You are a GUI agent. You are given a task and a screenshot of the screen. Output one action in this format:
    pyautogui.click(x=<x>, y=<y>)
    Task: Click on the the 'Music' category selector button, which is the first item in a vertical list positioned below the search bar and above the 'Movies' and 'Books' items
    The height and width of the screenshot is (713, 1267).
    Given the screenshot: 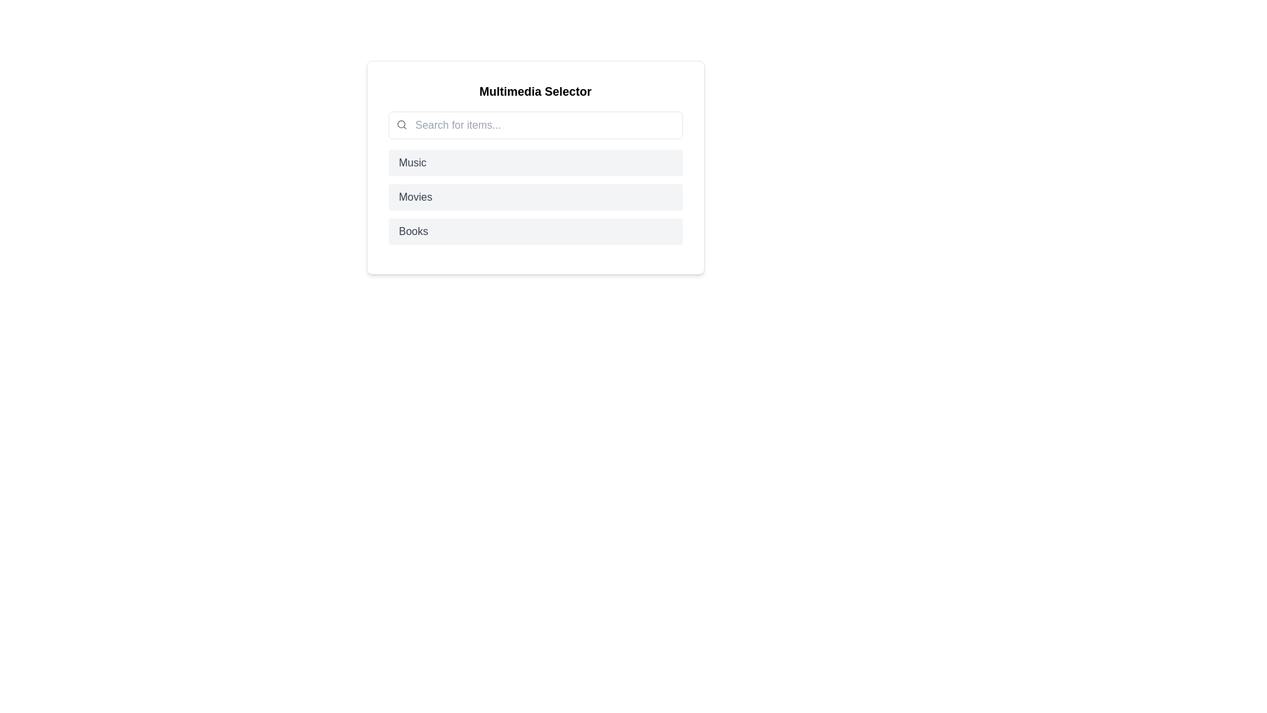 What is the action you would take?
    pyautogui.click(x=535, y=162)
    